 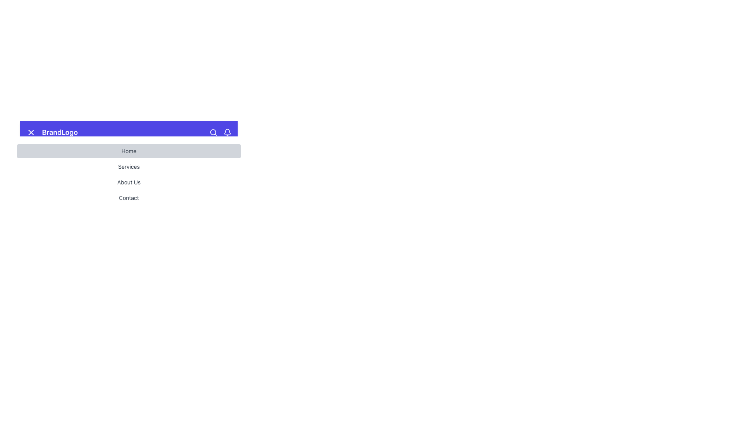 I want to click on the search button located in the header bar, to the right of the brand logo and before the notification bell icon, to initiate a search operation, so click(x=213, y=132).